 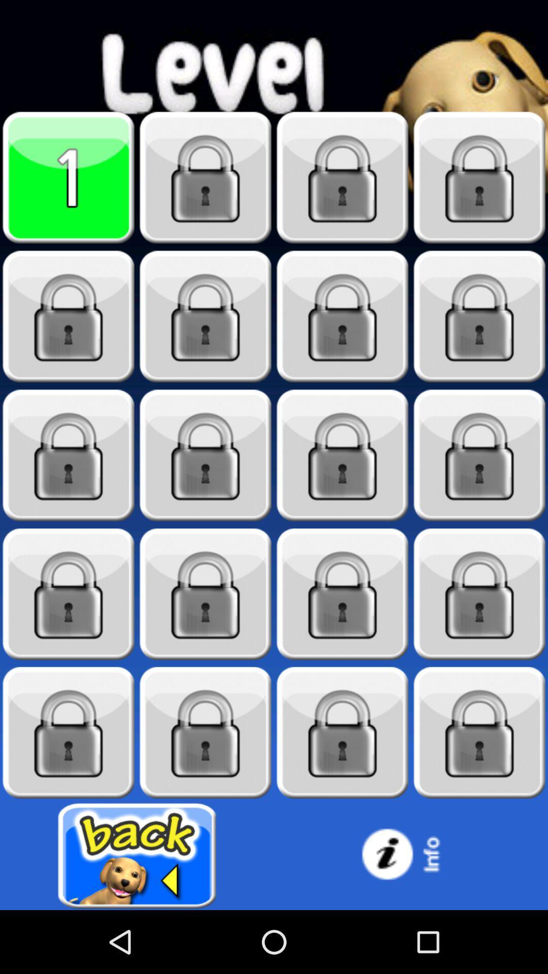 What do you see at coordinates (342, 594) in the screenshot?
I see `hover over locked option` at bounding box center [342, 594].